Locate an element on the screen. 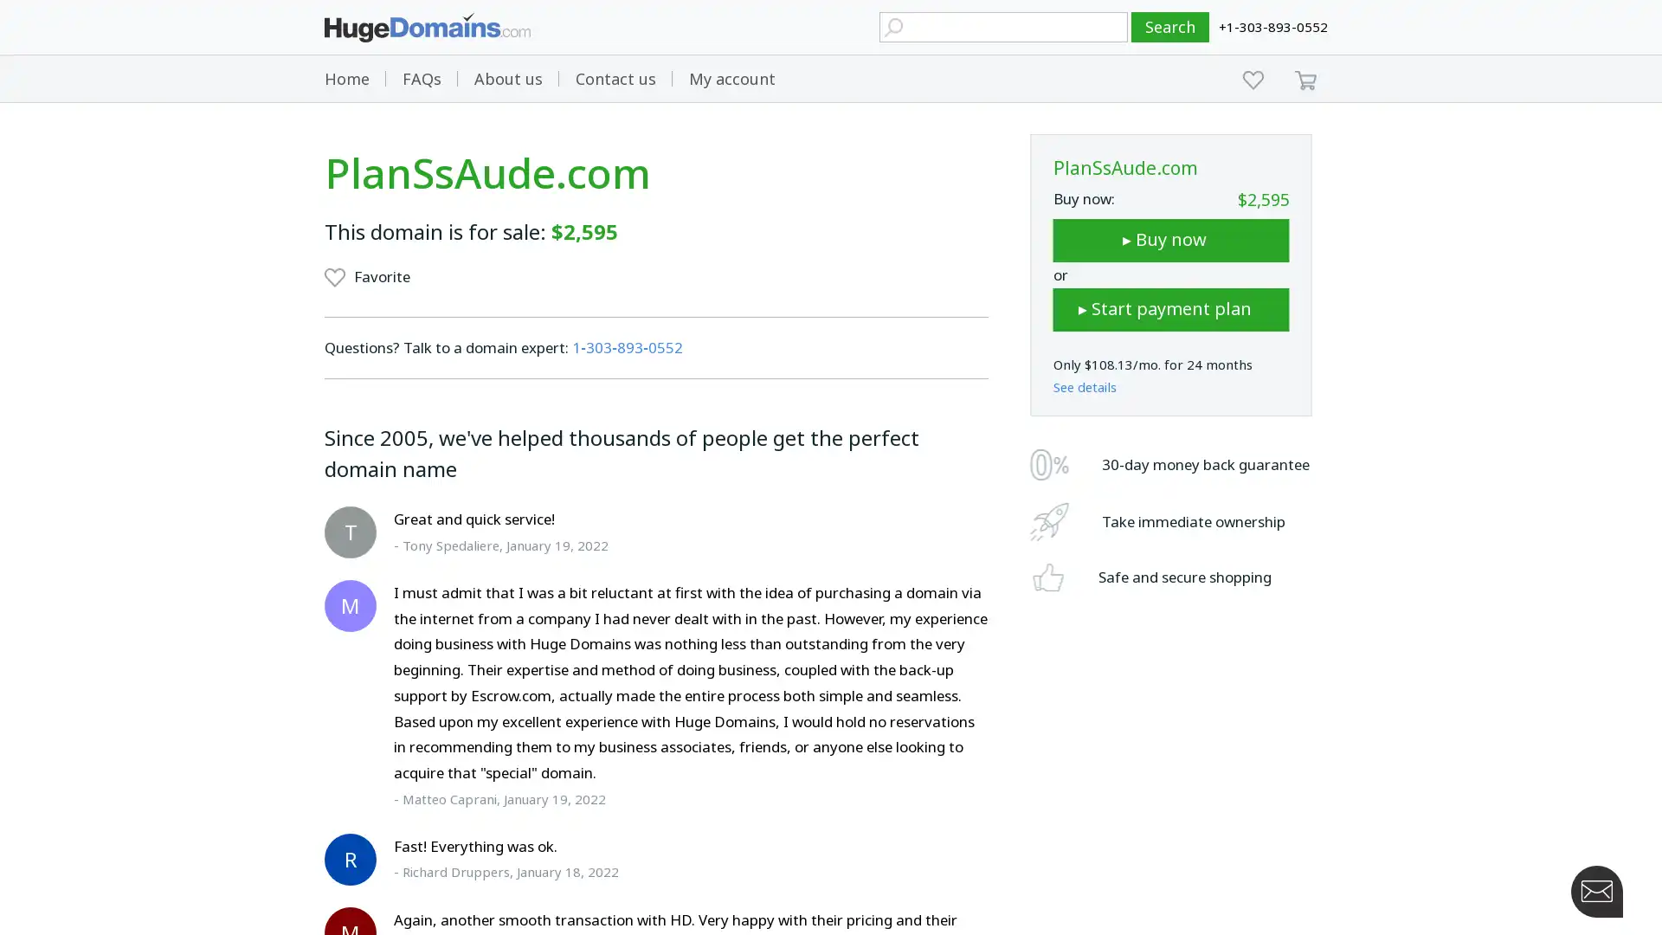  Search is located at coordinates (1170, 27).